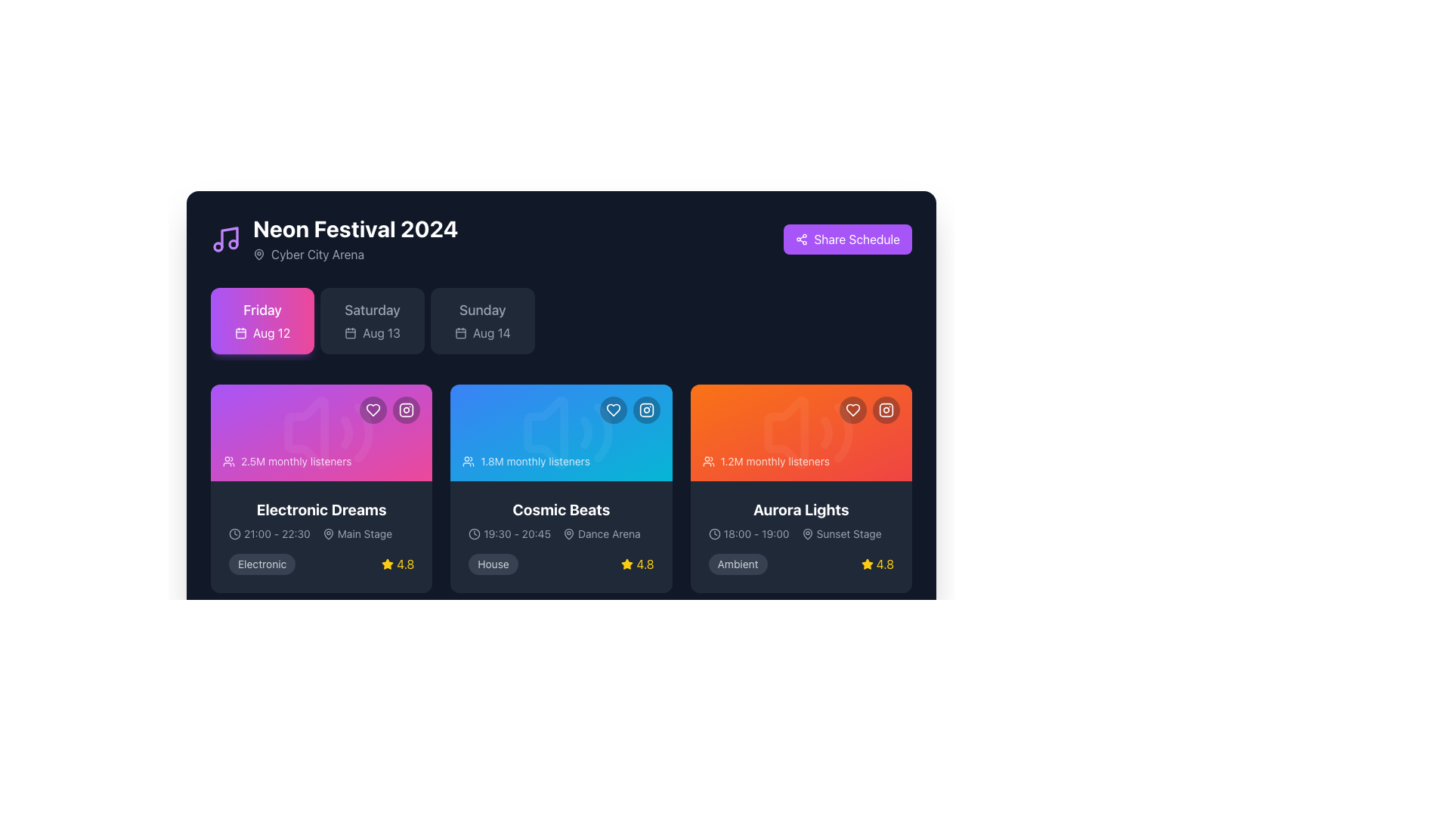  I want to click on the SVG Circle Element representing the clock icon in the 'Aurora Lights' card, located in the bottom row of the application, so click(713, 533).